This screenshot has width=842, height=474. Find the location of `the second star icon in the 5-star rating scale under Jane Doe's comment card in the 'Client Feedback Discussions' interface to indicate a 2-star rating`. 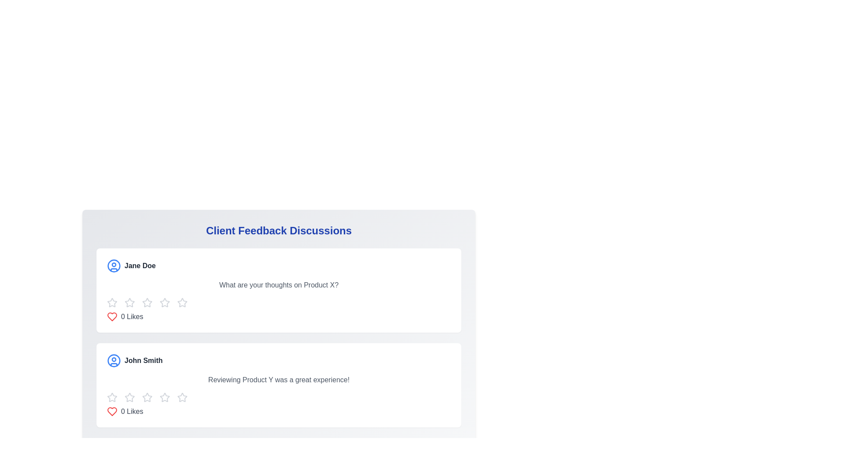

the second star icon in the 5-star rating scale under Jane Doe's comment card in the 'Client Feedback Discussions' interface to indicate a 2-star rating is located at coordinates (164, 302).